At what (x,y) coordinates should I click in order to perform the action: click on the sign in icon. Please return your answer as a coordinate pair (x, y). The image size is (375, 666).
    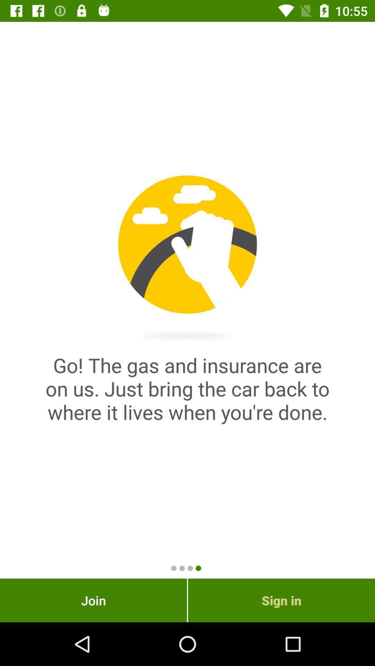
    Looking at the image, I should click on (281, 600).